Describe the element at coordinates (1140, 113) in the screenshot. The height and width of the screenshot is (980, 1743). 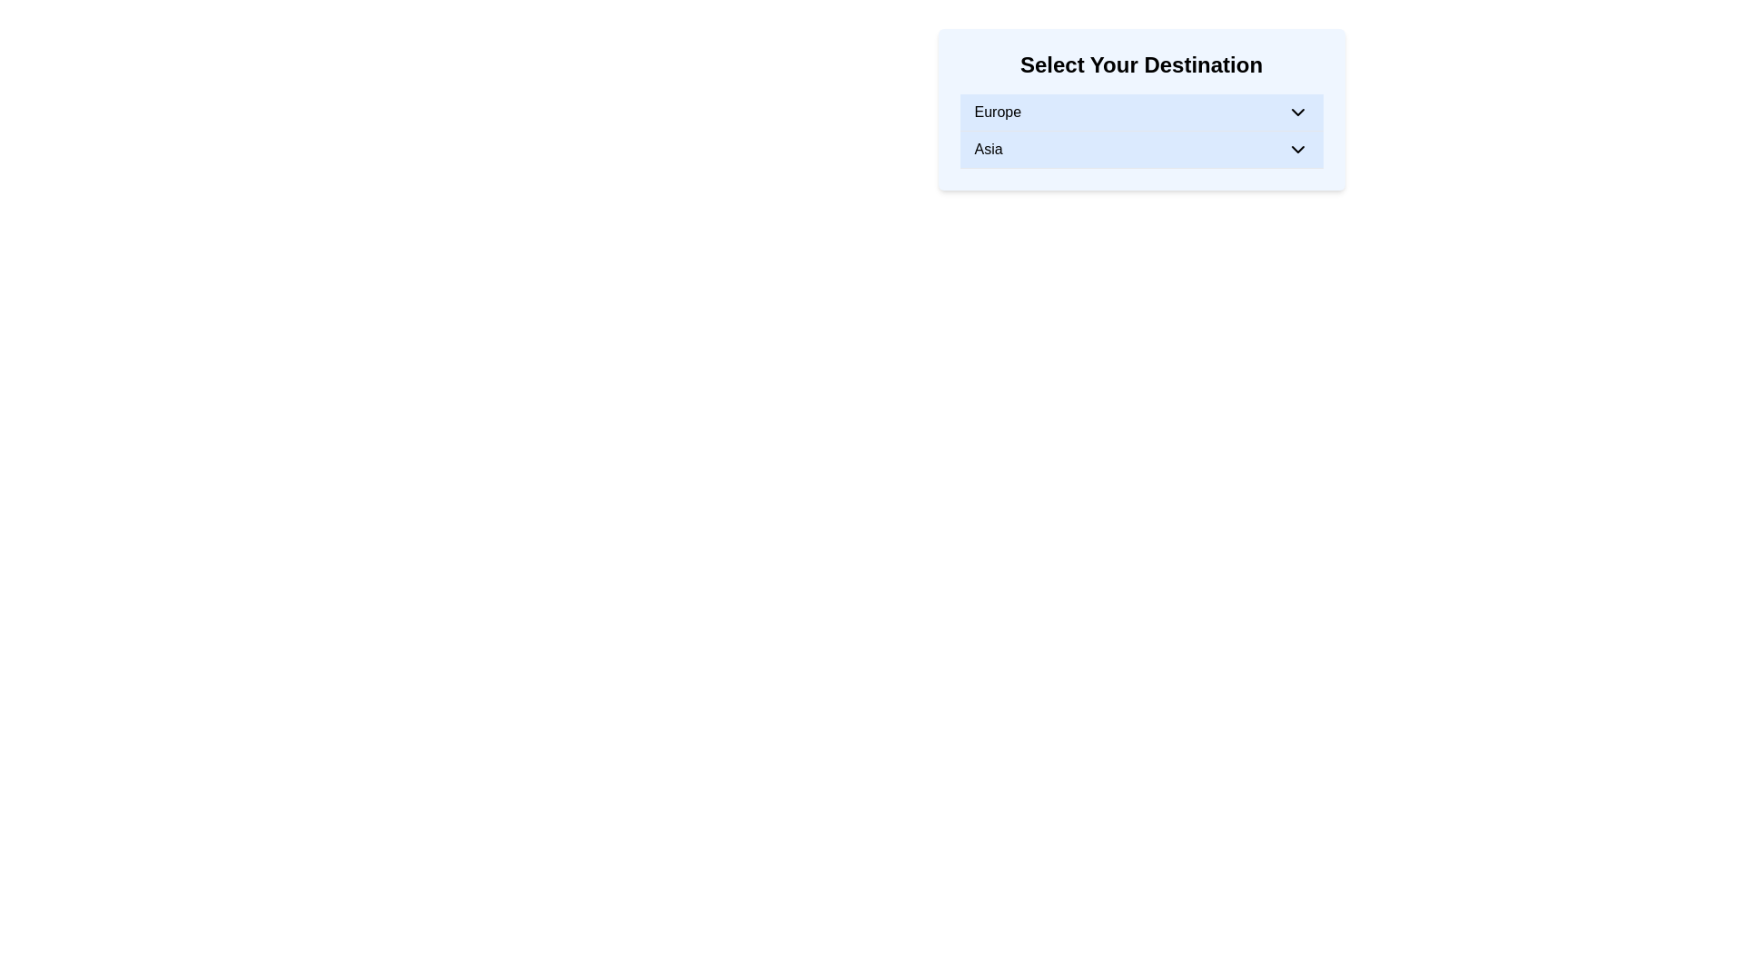
I see `the 'Europe' dropdown menu option with a blue background` at that location.